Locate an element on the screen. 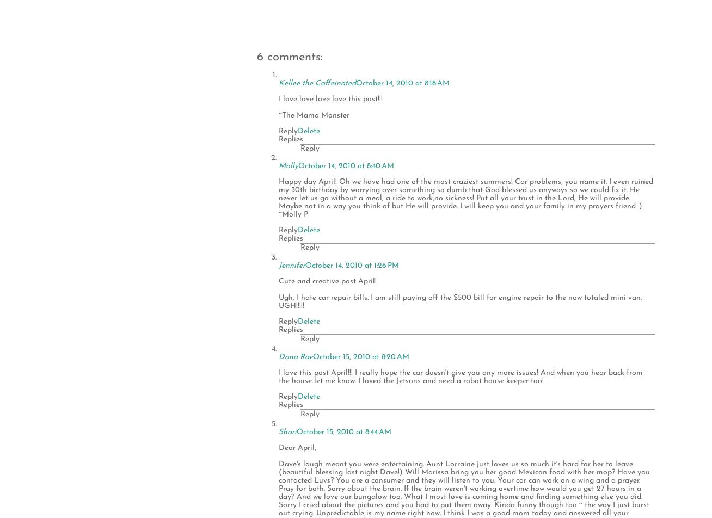  'Jennifer' is located at coordinates (292, 265).